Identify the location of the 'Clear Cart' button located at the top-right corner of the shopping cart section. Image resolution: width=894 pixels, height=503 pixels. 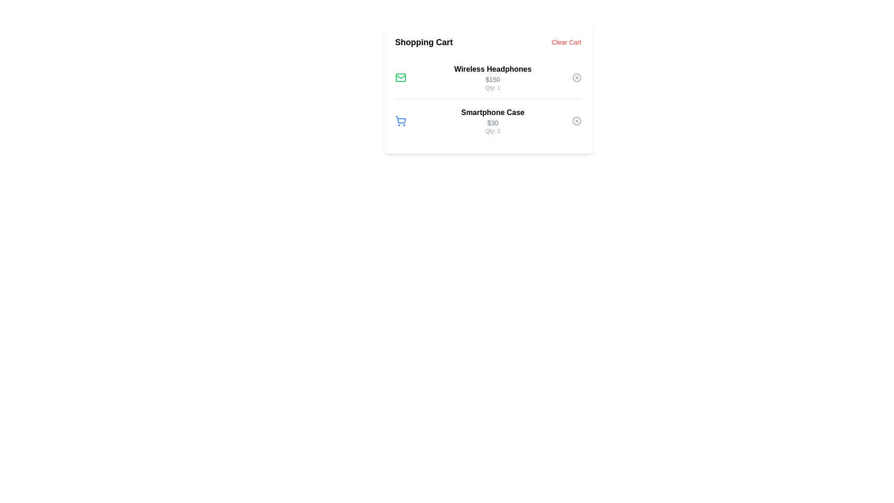
(566, 42).